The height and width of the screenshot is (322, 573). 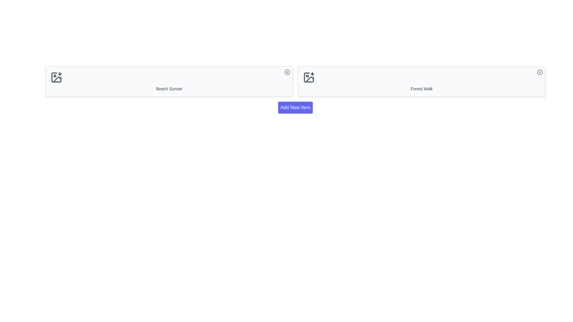 I want to click on the text element located at the bottom of the card, which has a light gray background and is labeled with an icon of an image with a plus sign above it, so click(x=169, y=89).